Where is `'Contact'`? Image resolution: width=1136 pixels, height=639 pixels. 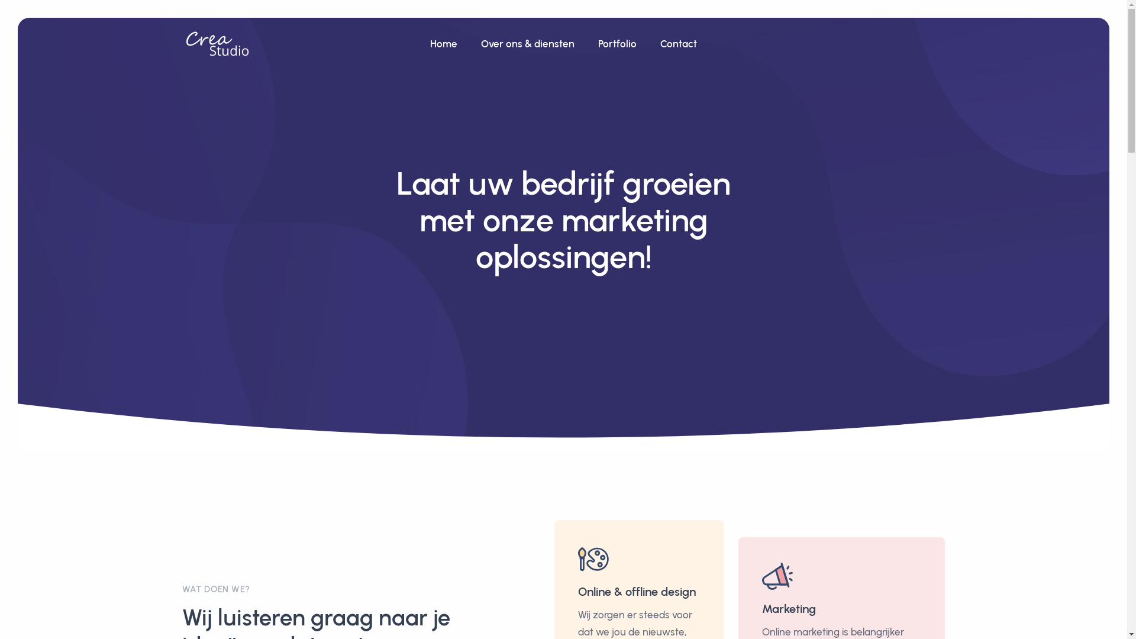 'Contact' is located at coordinates (679, 43).